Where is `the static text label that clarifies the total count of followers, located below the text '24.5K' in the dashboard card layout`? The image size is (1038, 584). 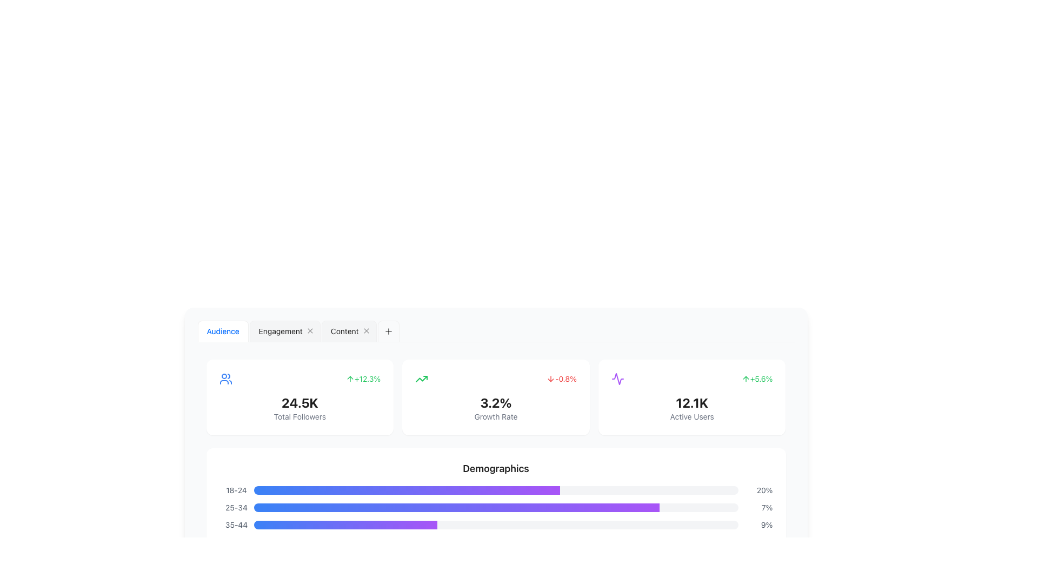
the static text label that clarifies the total count of followers, located below the text '24.5K' in the dashboard card layout is located at coordinates (300, 416).